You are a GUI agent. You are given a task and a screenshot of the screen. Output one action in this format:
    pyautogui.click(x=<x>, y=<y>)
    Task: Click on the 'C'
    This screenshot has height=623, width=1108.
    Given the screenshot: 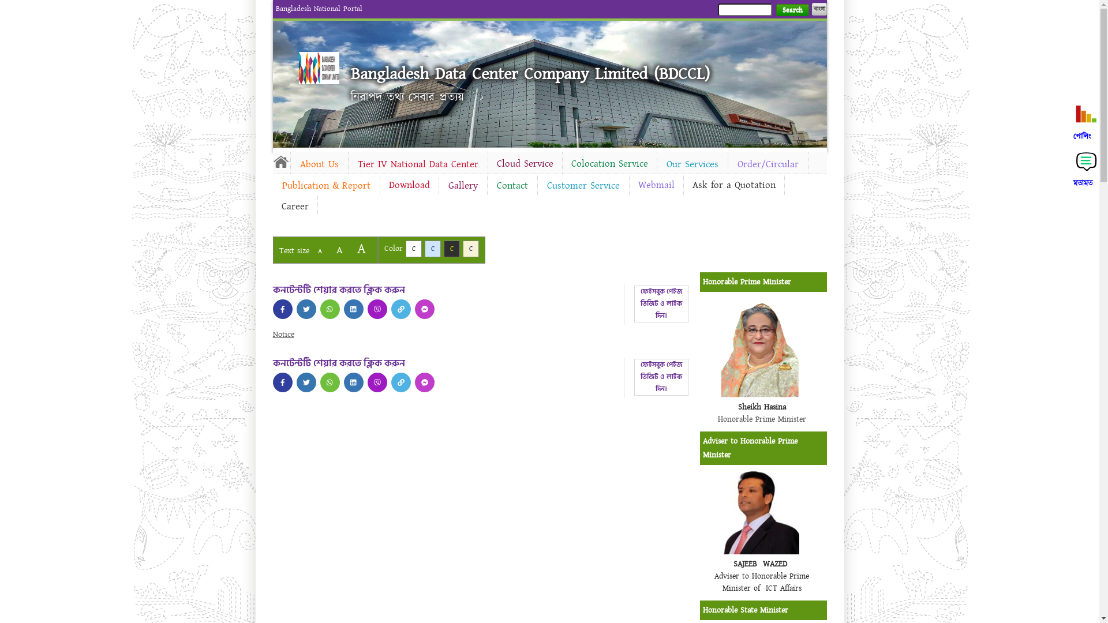 What is the action you would take?
    pyautogui.click(x=462, y=248)
    